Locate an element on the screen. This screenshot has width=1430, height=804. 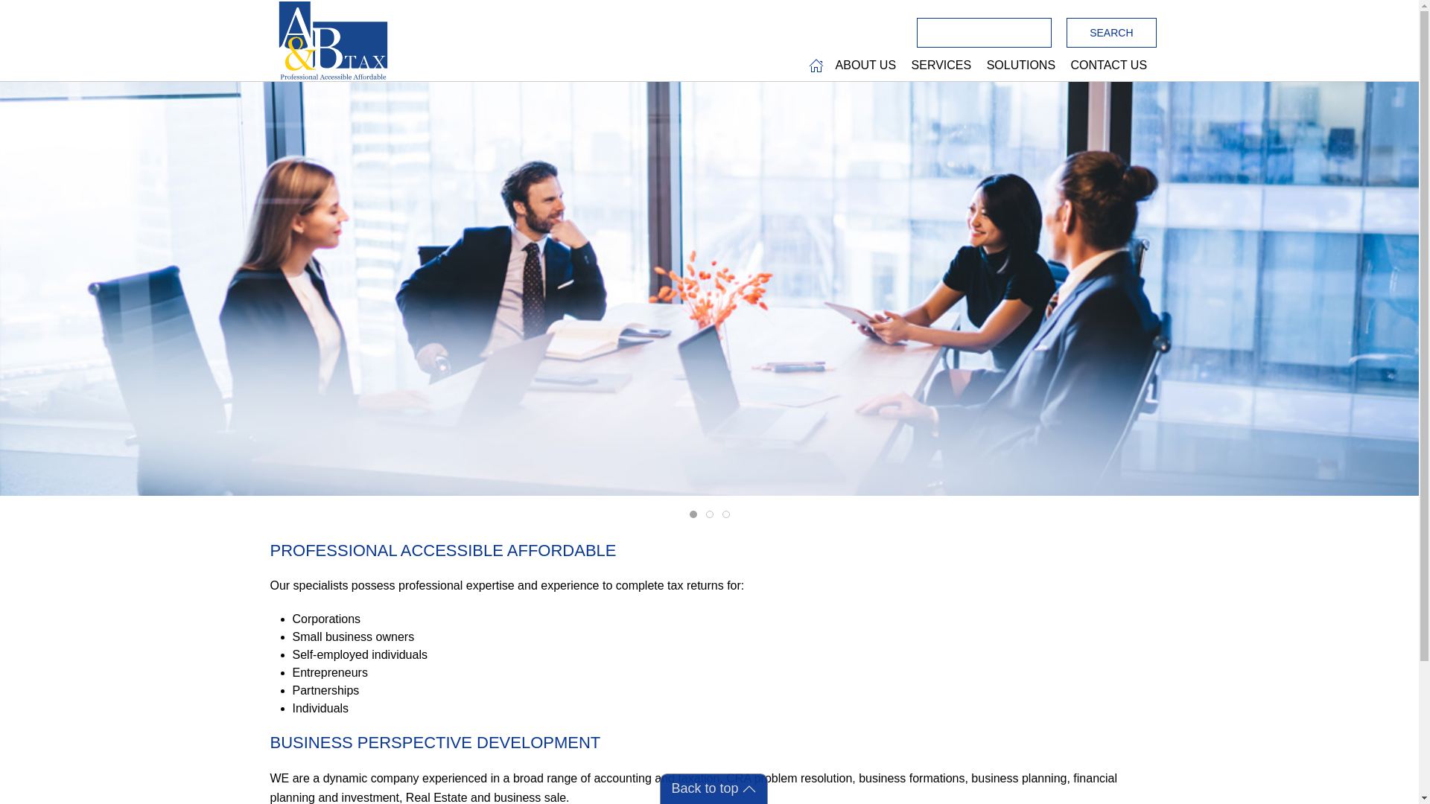
'ABOUT US ' is located at coordinates (828, 65).